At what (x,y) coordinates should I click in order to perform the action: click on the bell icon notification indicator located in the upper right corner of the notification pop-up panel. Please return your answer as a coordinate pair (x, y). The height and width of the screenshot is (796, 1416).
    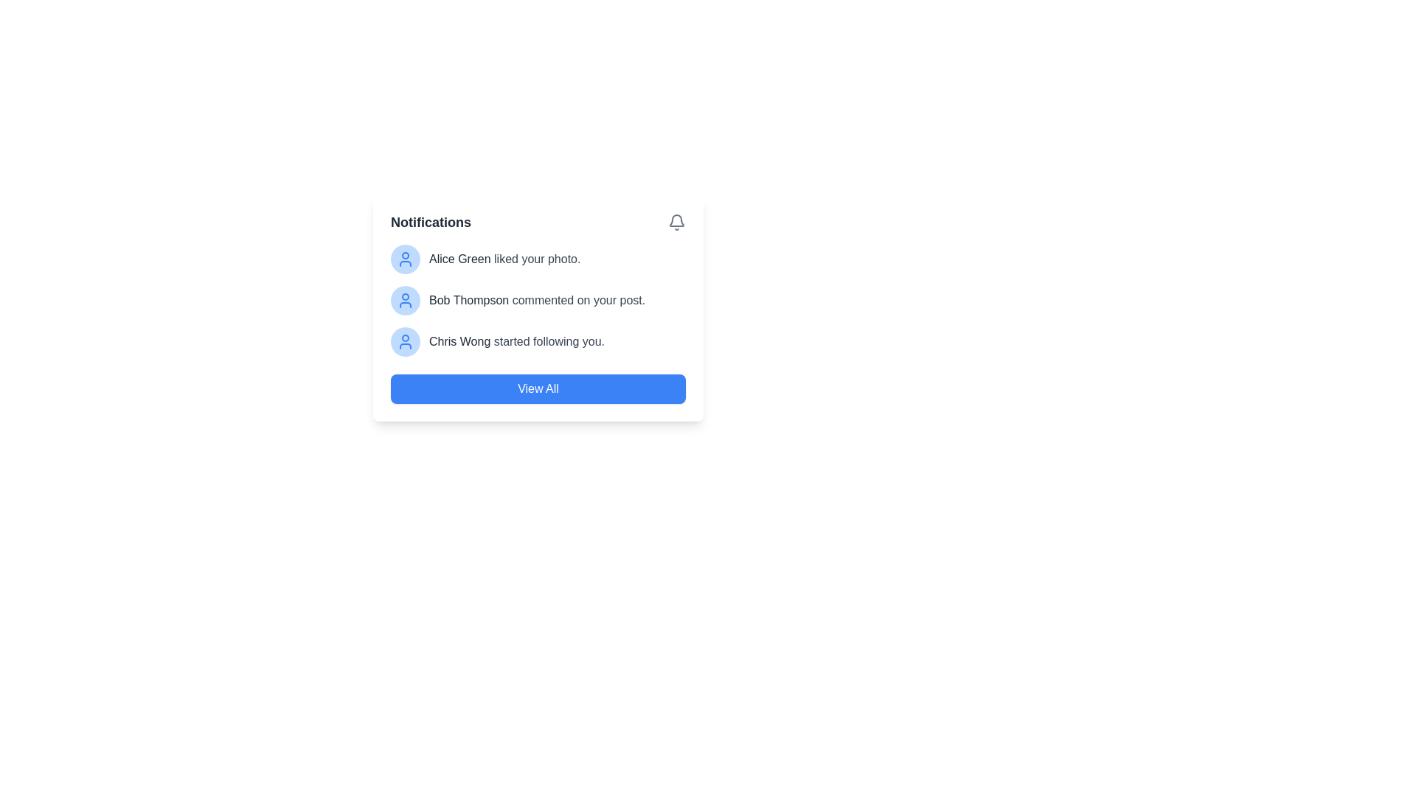
    Looking at the image, I should click on (676, 222).